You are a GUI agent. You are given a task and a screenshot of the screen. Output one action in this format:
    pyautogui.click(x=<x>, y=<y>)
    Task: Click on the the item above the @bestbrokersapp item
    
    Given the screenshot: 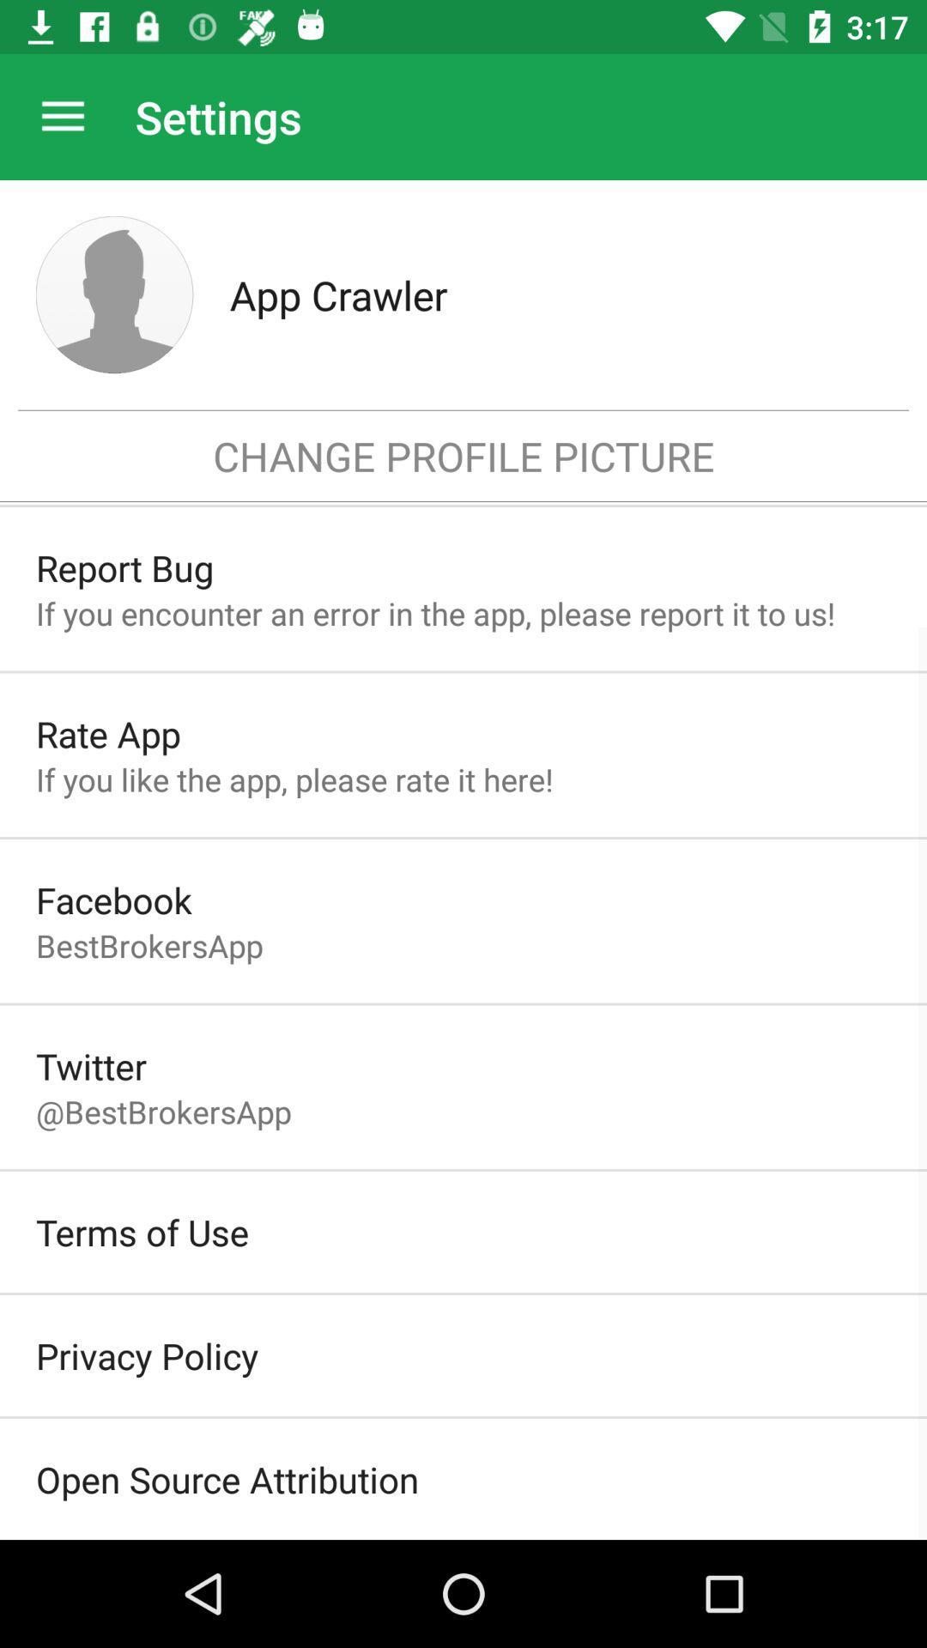 What is the action you would take?
    pyautogui.click(x=91, y=1065)
    